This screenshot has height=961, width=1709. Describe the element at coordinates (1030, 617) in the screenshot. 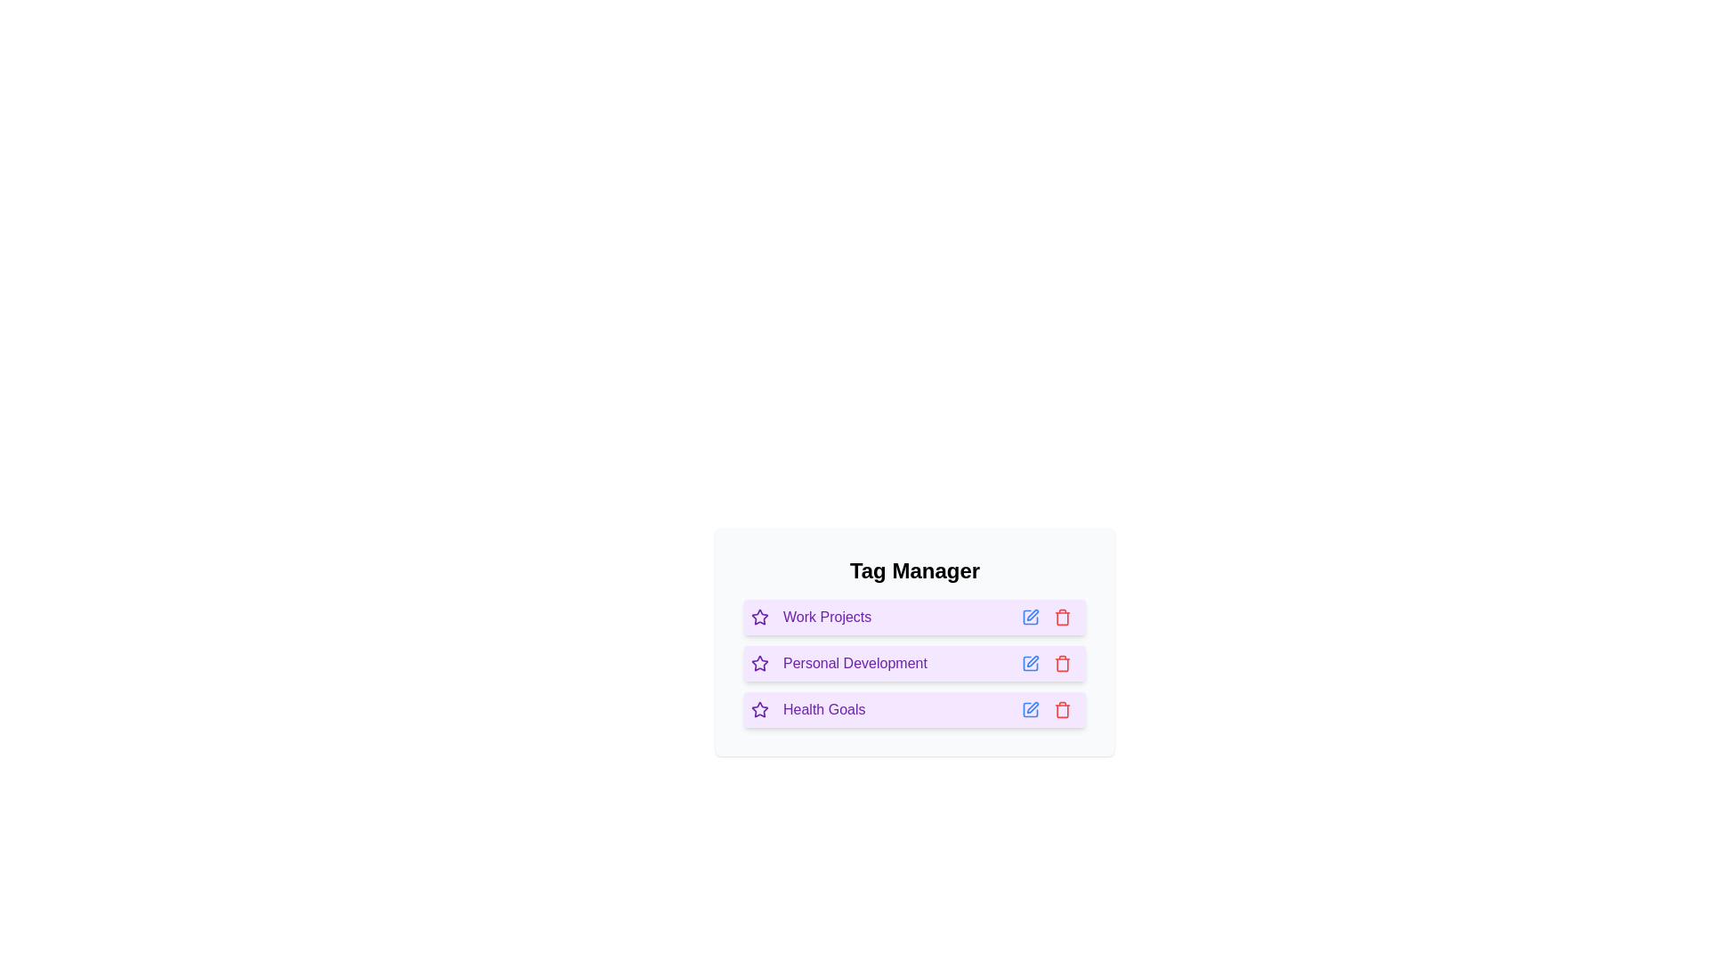

I see `edit button for the tag named Work Projects` at that location.